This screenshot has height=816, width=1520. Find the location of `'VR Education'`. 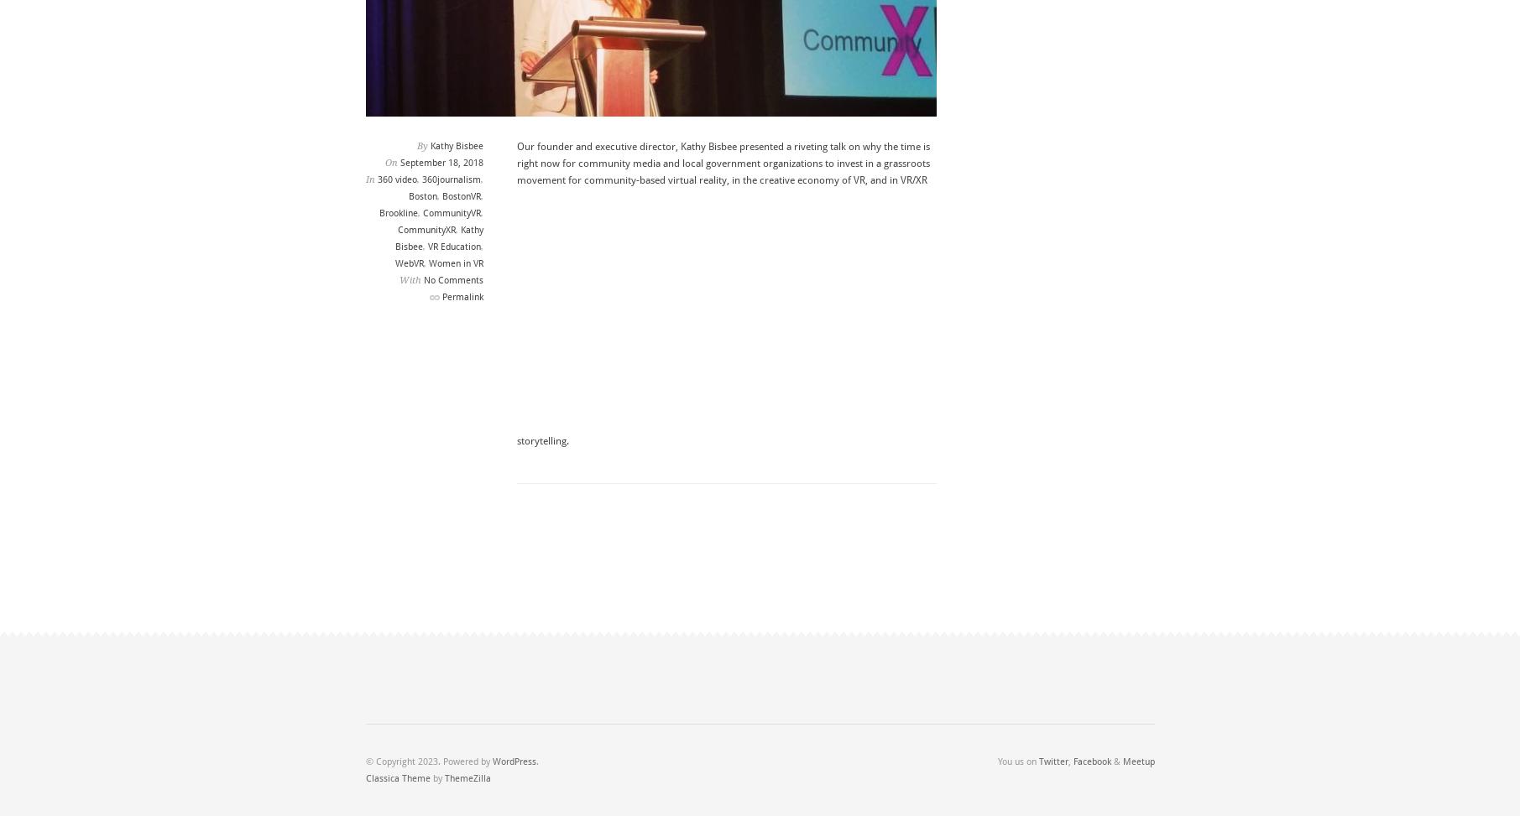

'VR Education' is located at coordinates (452, 247).